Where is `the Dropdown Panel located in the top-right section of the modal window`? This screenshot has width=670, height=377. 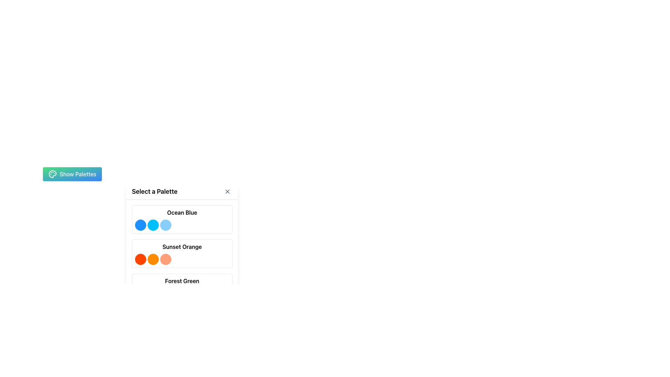 the Dropdown Panel located in the top-right section of the modal window is located at coordinates (182, 245).